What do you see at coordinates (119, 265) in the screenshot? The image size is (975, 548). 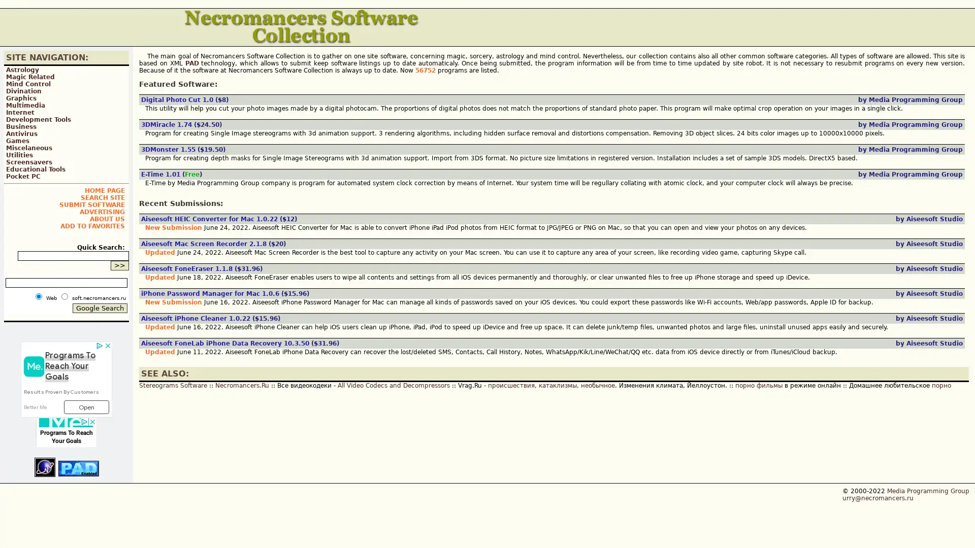 I see `>>` at bounding box center [119, 265].